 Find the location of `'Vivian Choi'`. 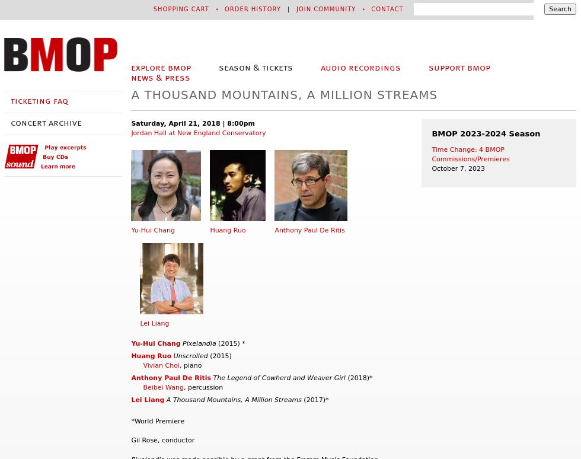

'Vivian Choi' is located at coordinates (161, 364).